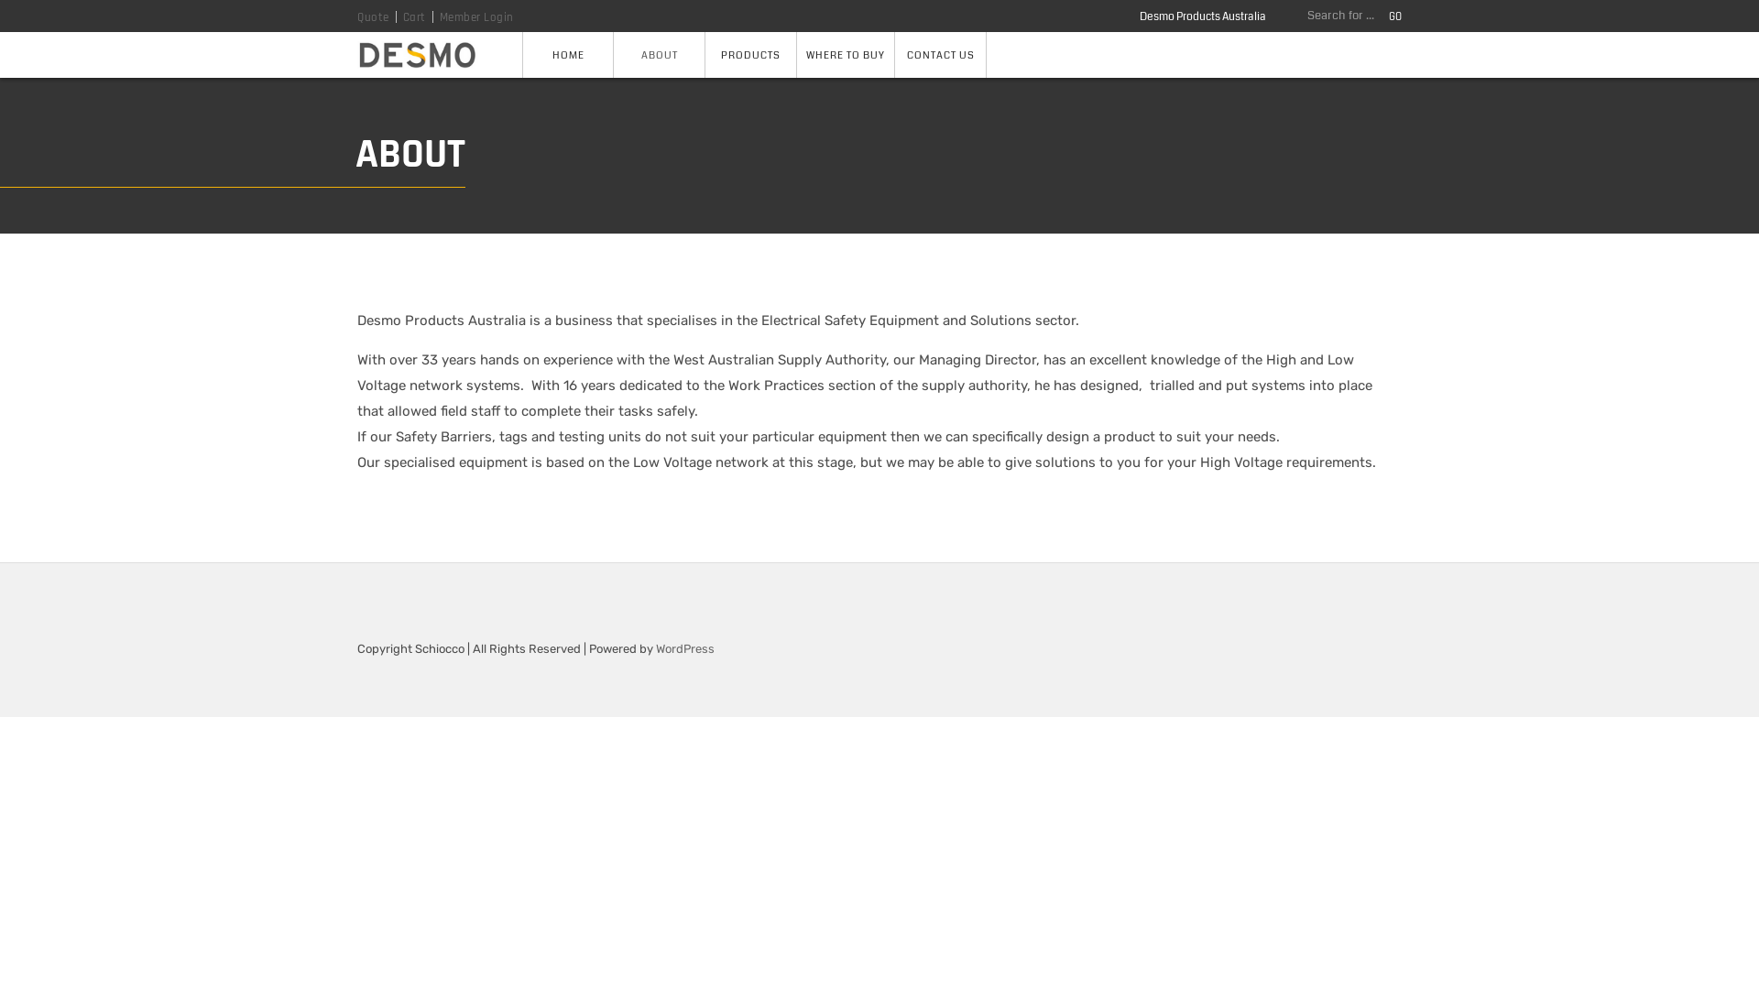 Image resolution: width=1759 pixels, height=989 pixels. Describe the element at coordinates (356, 17) in the screenshot. I see `'Quote'` at that location.